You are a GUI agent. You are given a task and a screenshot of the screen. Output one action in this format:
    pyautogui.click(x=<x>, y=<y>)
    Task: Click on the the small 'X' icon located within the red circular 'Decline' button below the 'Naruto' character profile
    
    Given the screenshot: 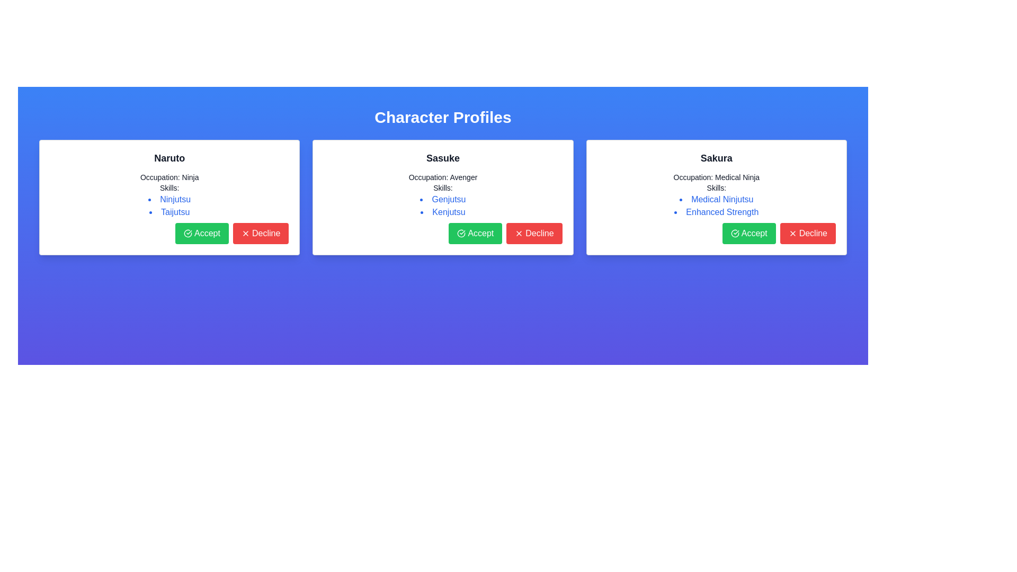 What is the action you would take?
    pyautogui.click(x=245, y=233)
    